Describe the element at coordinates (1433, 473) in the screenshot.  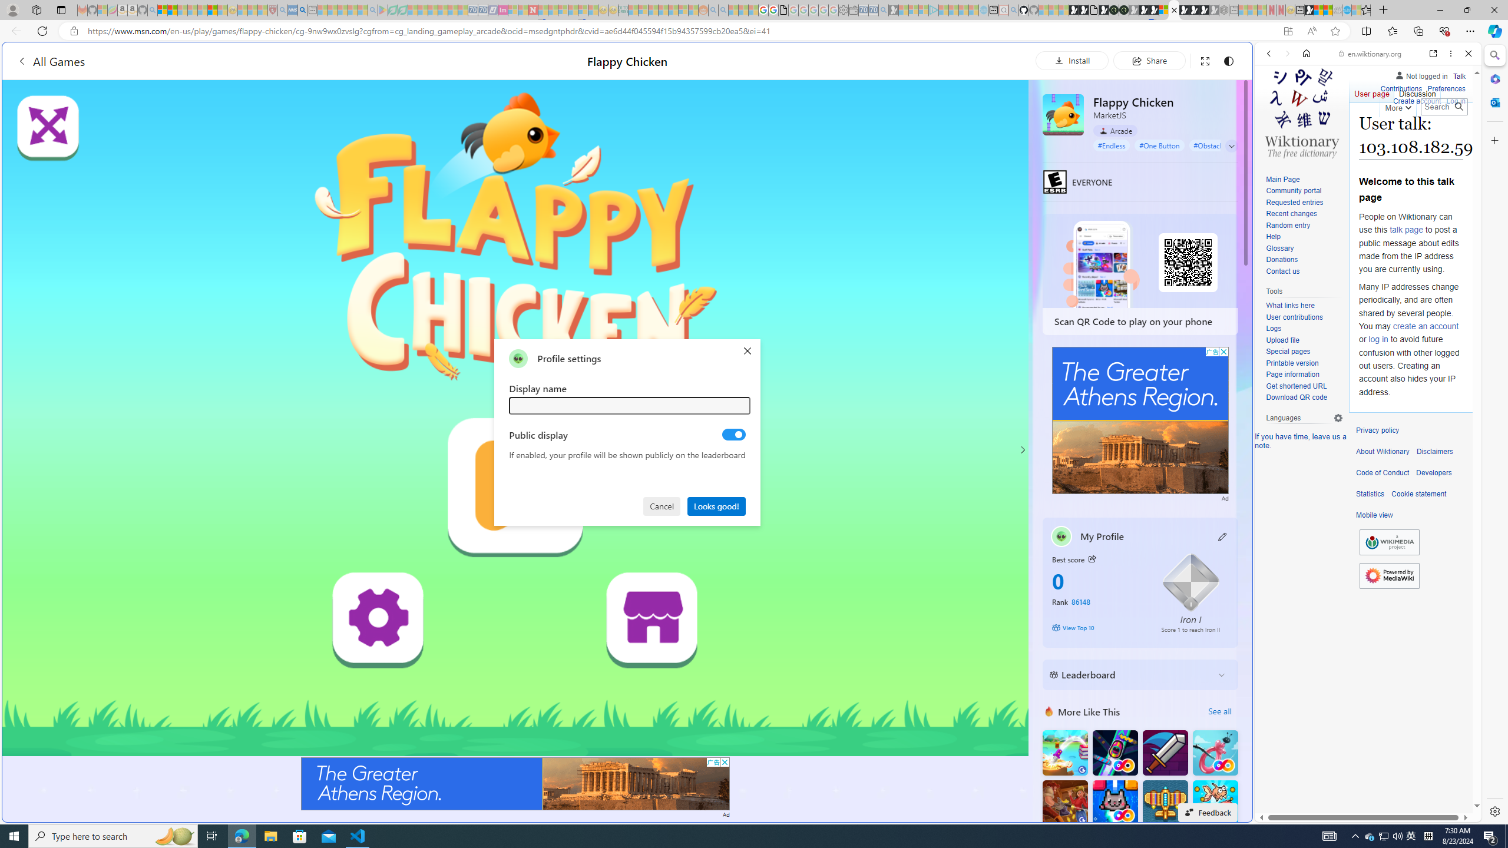
I see `'Developers'` at that location.